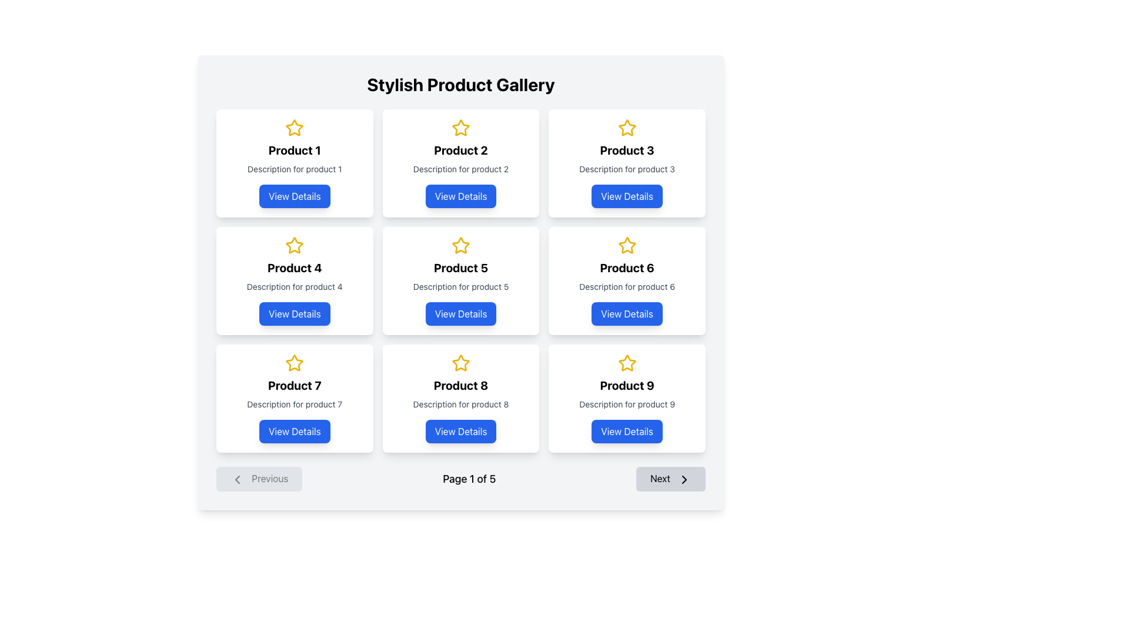 Image resolution: width=1129 pixels, height=635 pixels. What do you see at coordinates (460, 287) in the screenshot?
I see `static text providing a brief description of 'Product 5', which is located below the title and above the 'View Details' button` at bounding box center [460, 287].